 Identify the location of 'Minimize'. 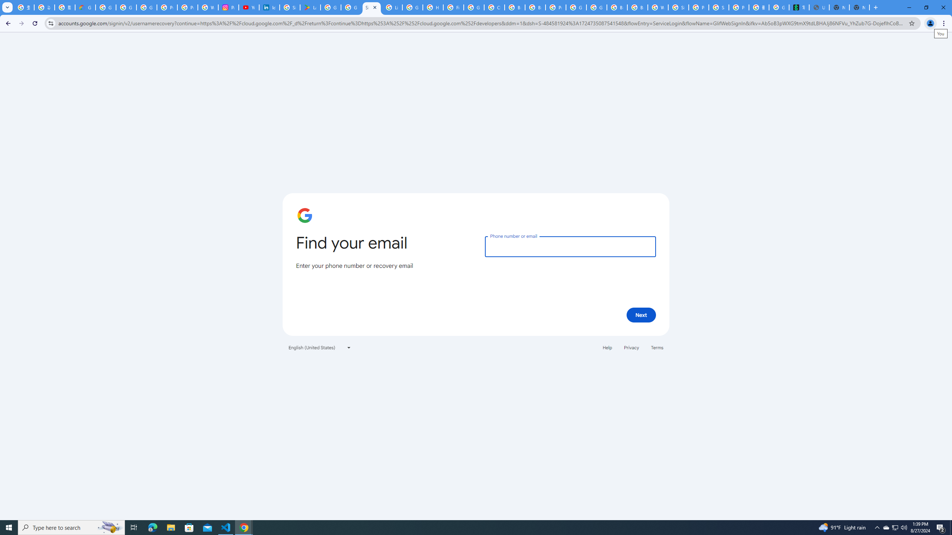
(908, 7).